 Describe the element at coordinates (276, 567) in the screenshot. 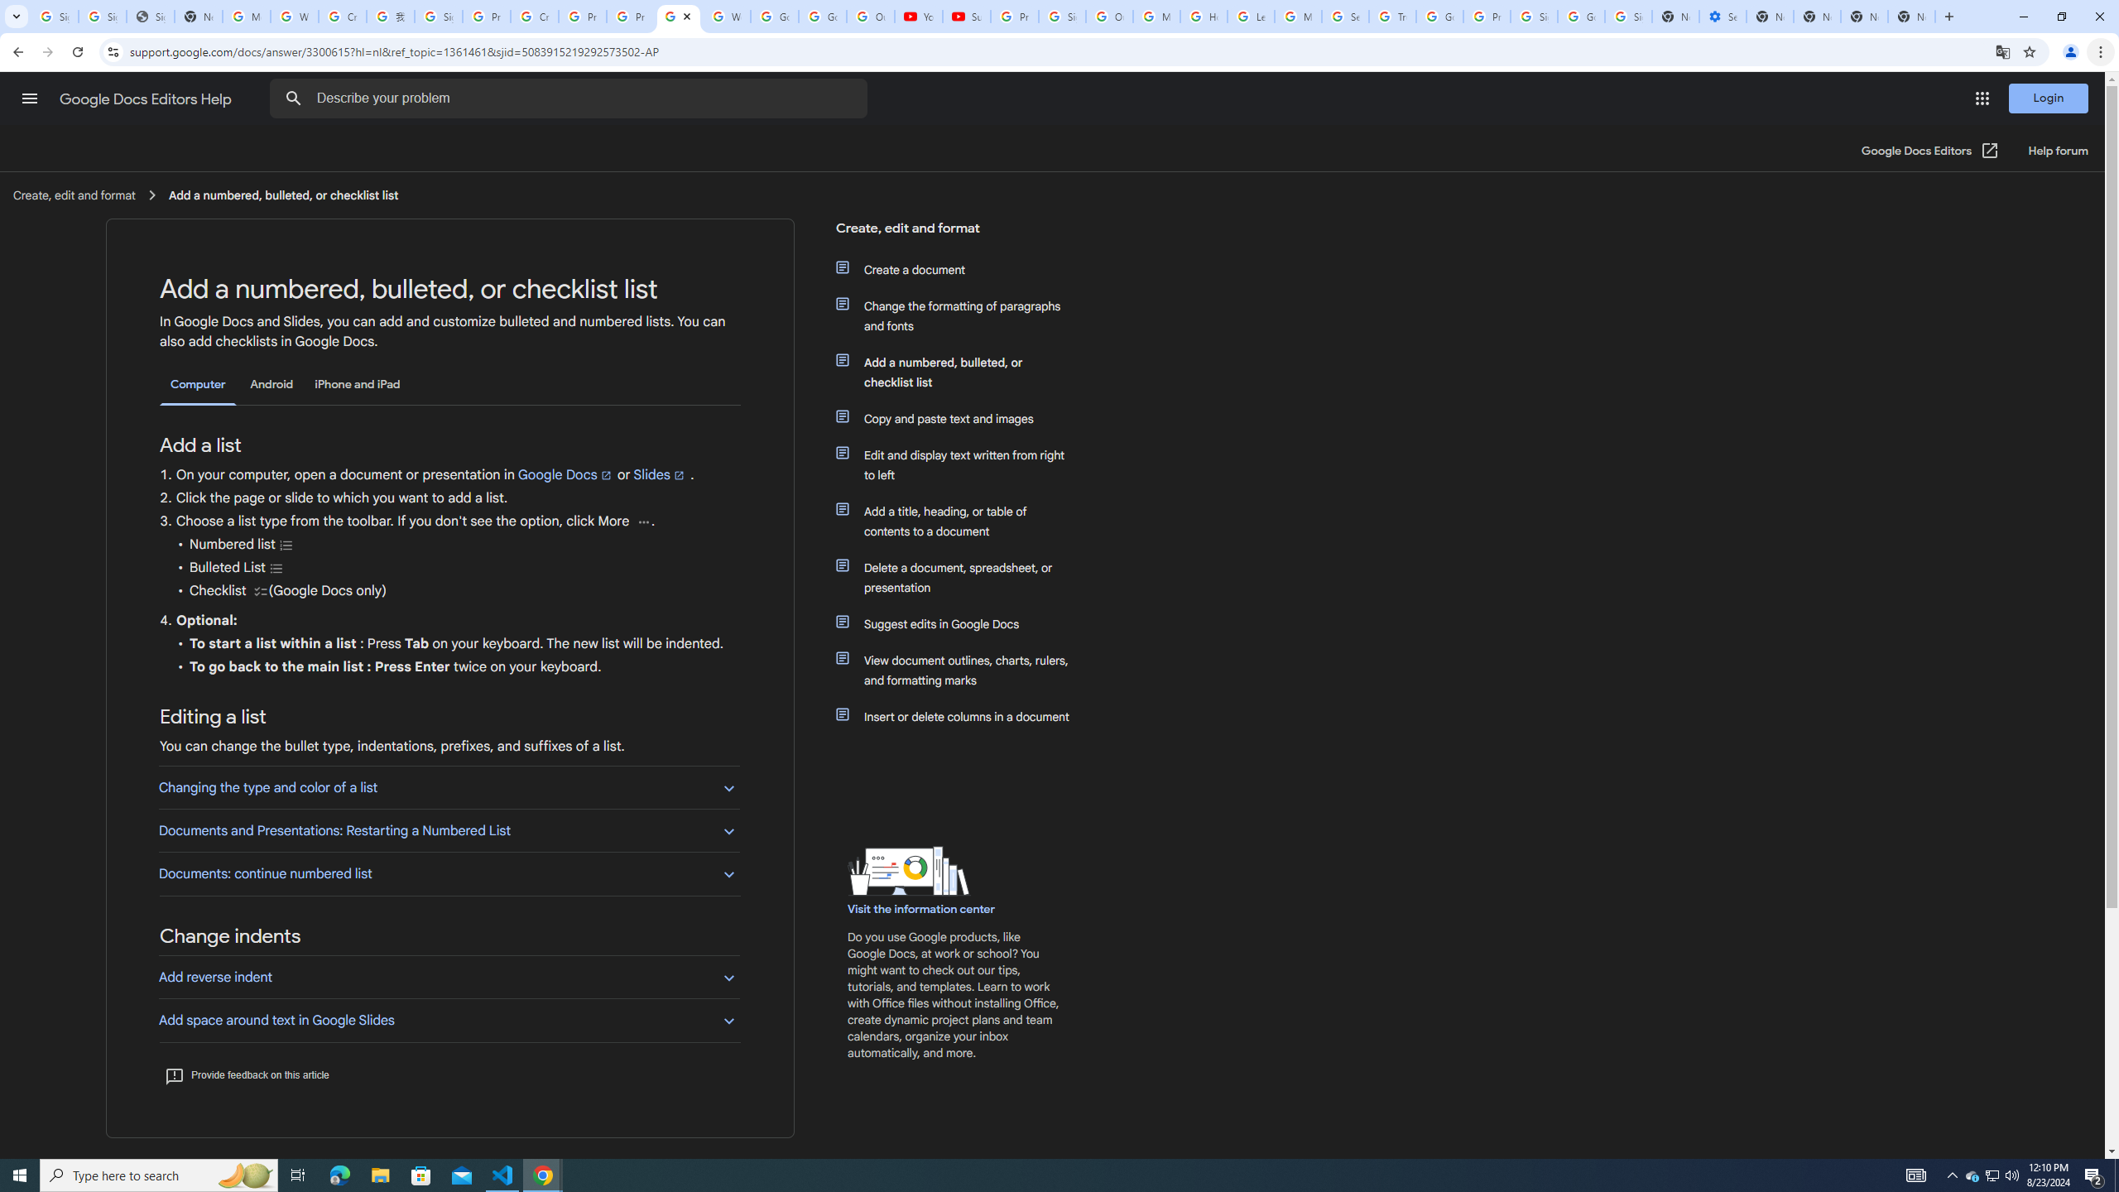

I see `'Bulleted List'` at that location.